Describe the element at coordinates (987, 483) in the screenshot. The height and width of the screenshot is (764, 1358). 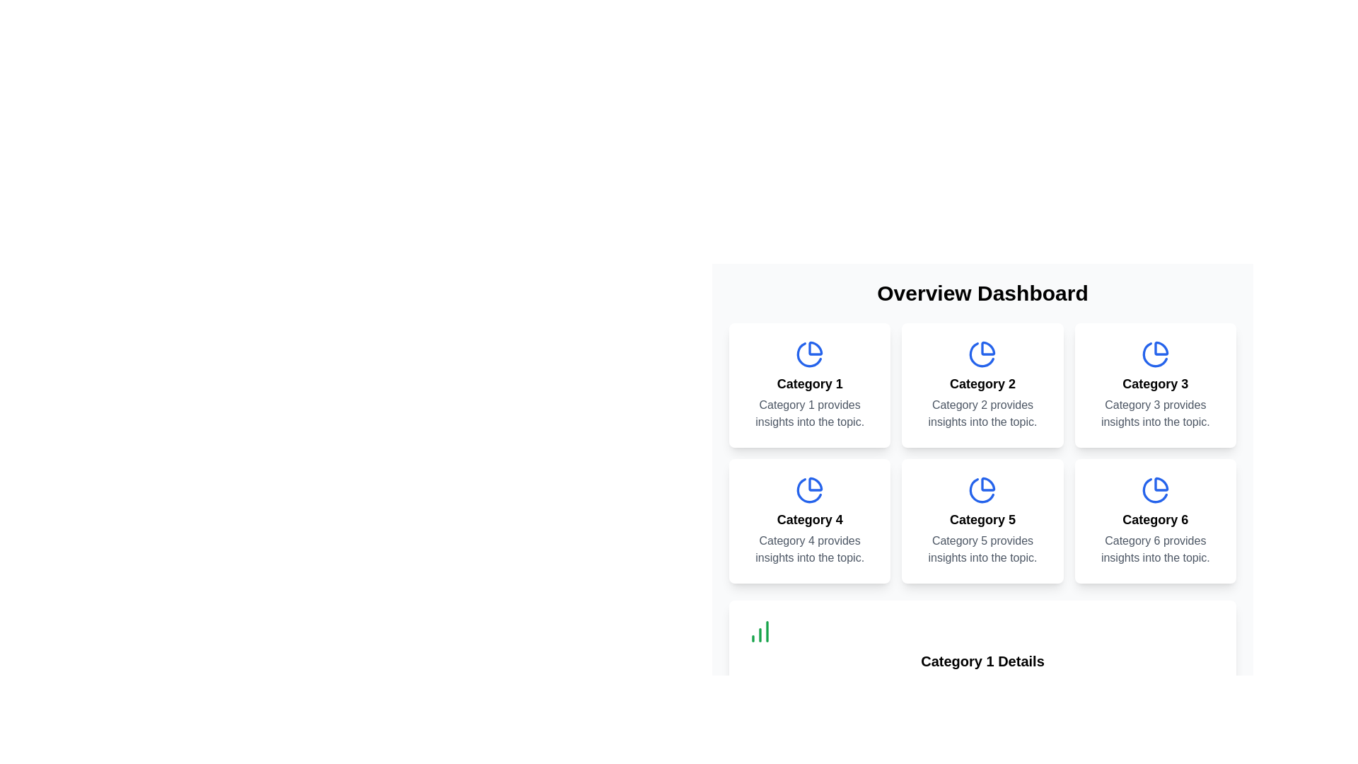
I see `the pie chart segment within the 'Category 5' card, which visually represents a portion of the pie chart icon in the dashboard` at that location.